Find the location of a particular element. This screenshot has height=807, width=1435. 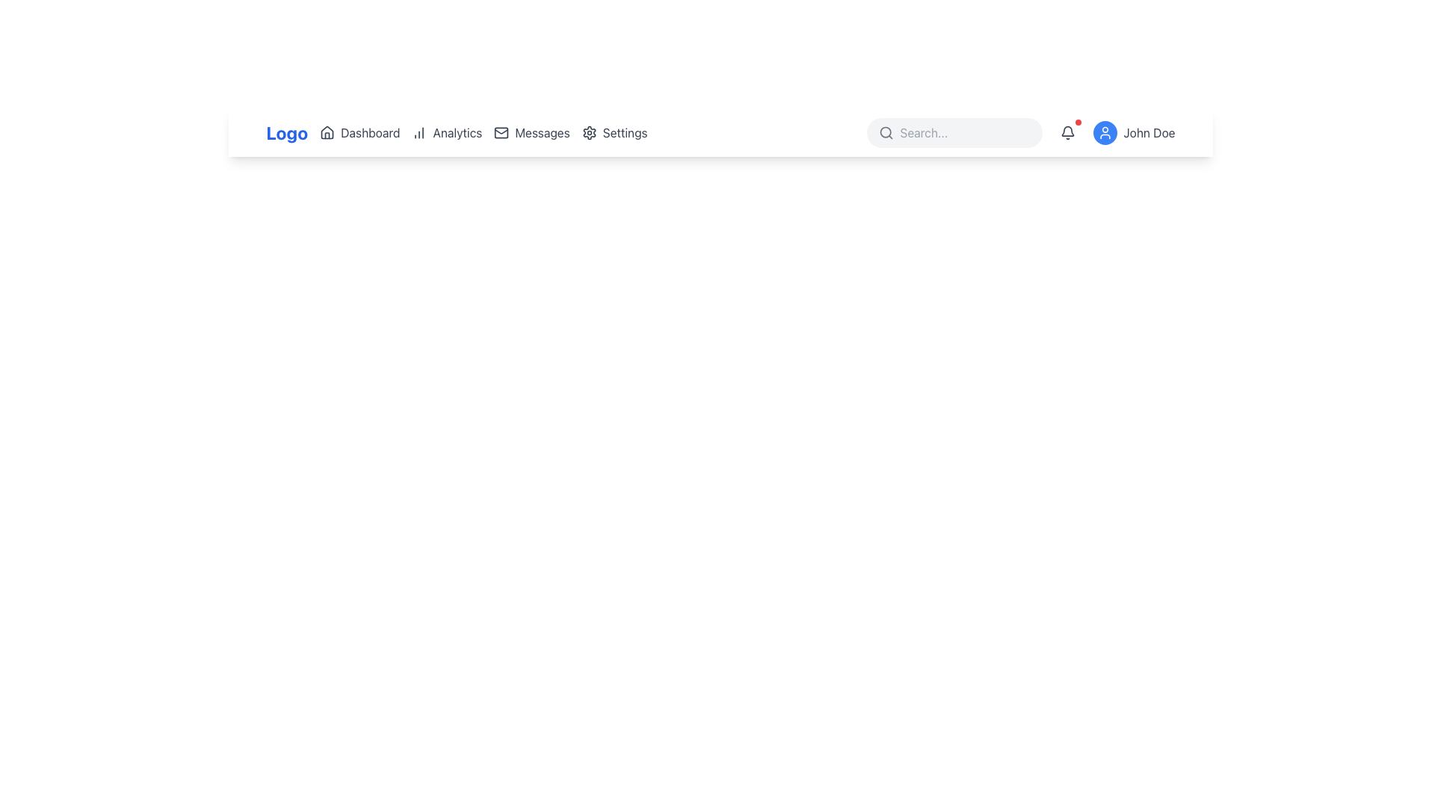

the 'Messages' text label in the navigation bar, which is displayed in bold, dark-gray font, located between 'Analytics' and the 'Settings' gear icon is located at coordinates (541, 132).